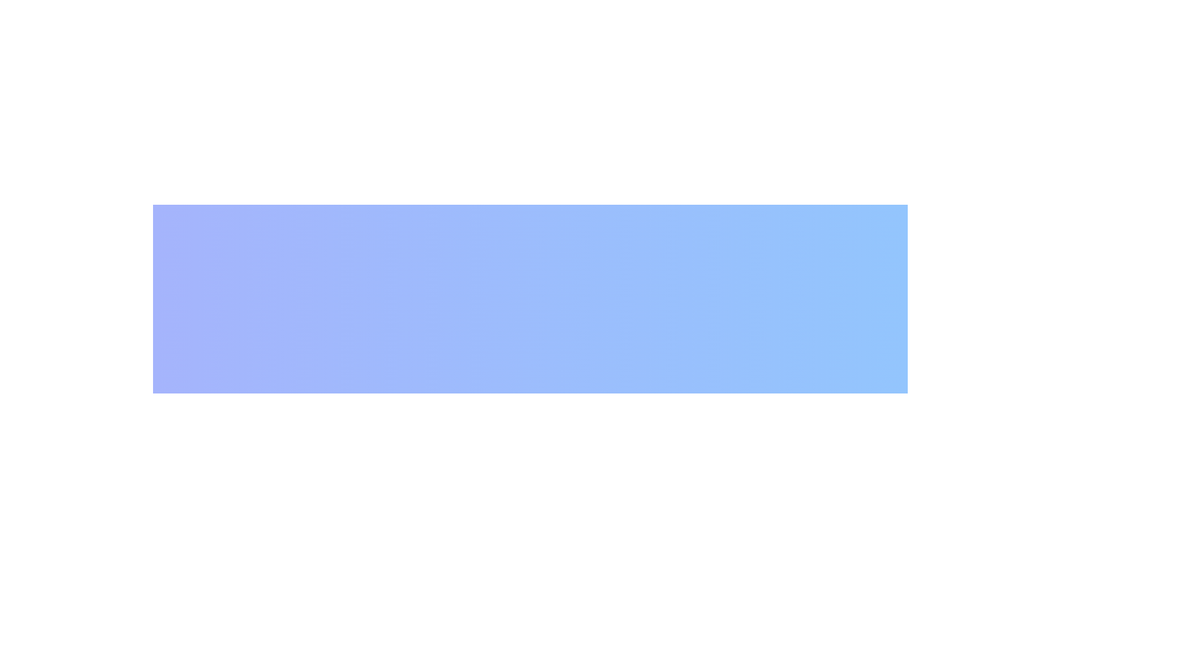 This screenshot has height=664, width=1180. I want to click on Text Label that describes the color code located below the circular red area in the centered column layout, so click(431, 619).